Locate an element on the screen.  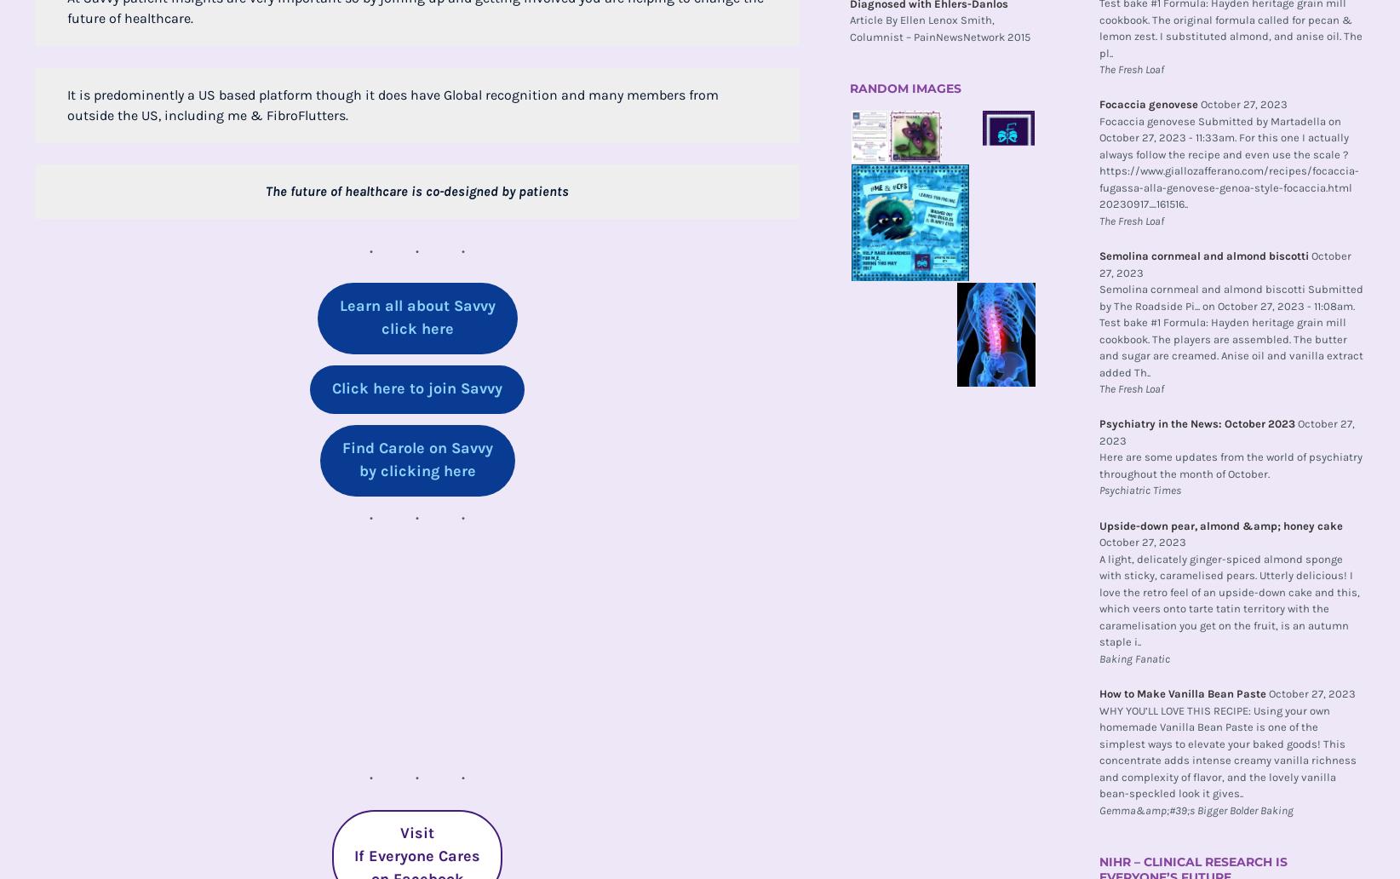
'Semolina cornmeal and almond biscotti Submitted by The Roadside Pi... on October 27, 2023 - 11:08am. Test bake #1 Formula: Hayden heritage grain mill cookbook. The players are assembled. The butter and sugar are creamed. Anise oil and vanilla extract added Th..' is located at coordinates (1231, 330).